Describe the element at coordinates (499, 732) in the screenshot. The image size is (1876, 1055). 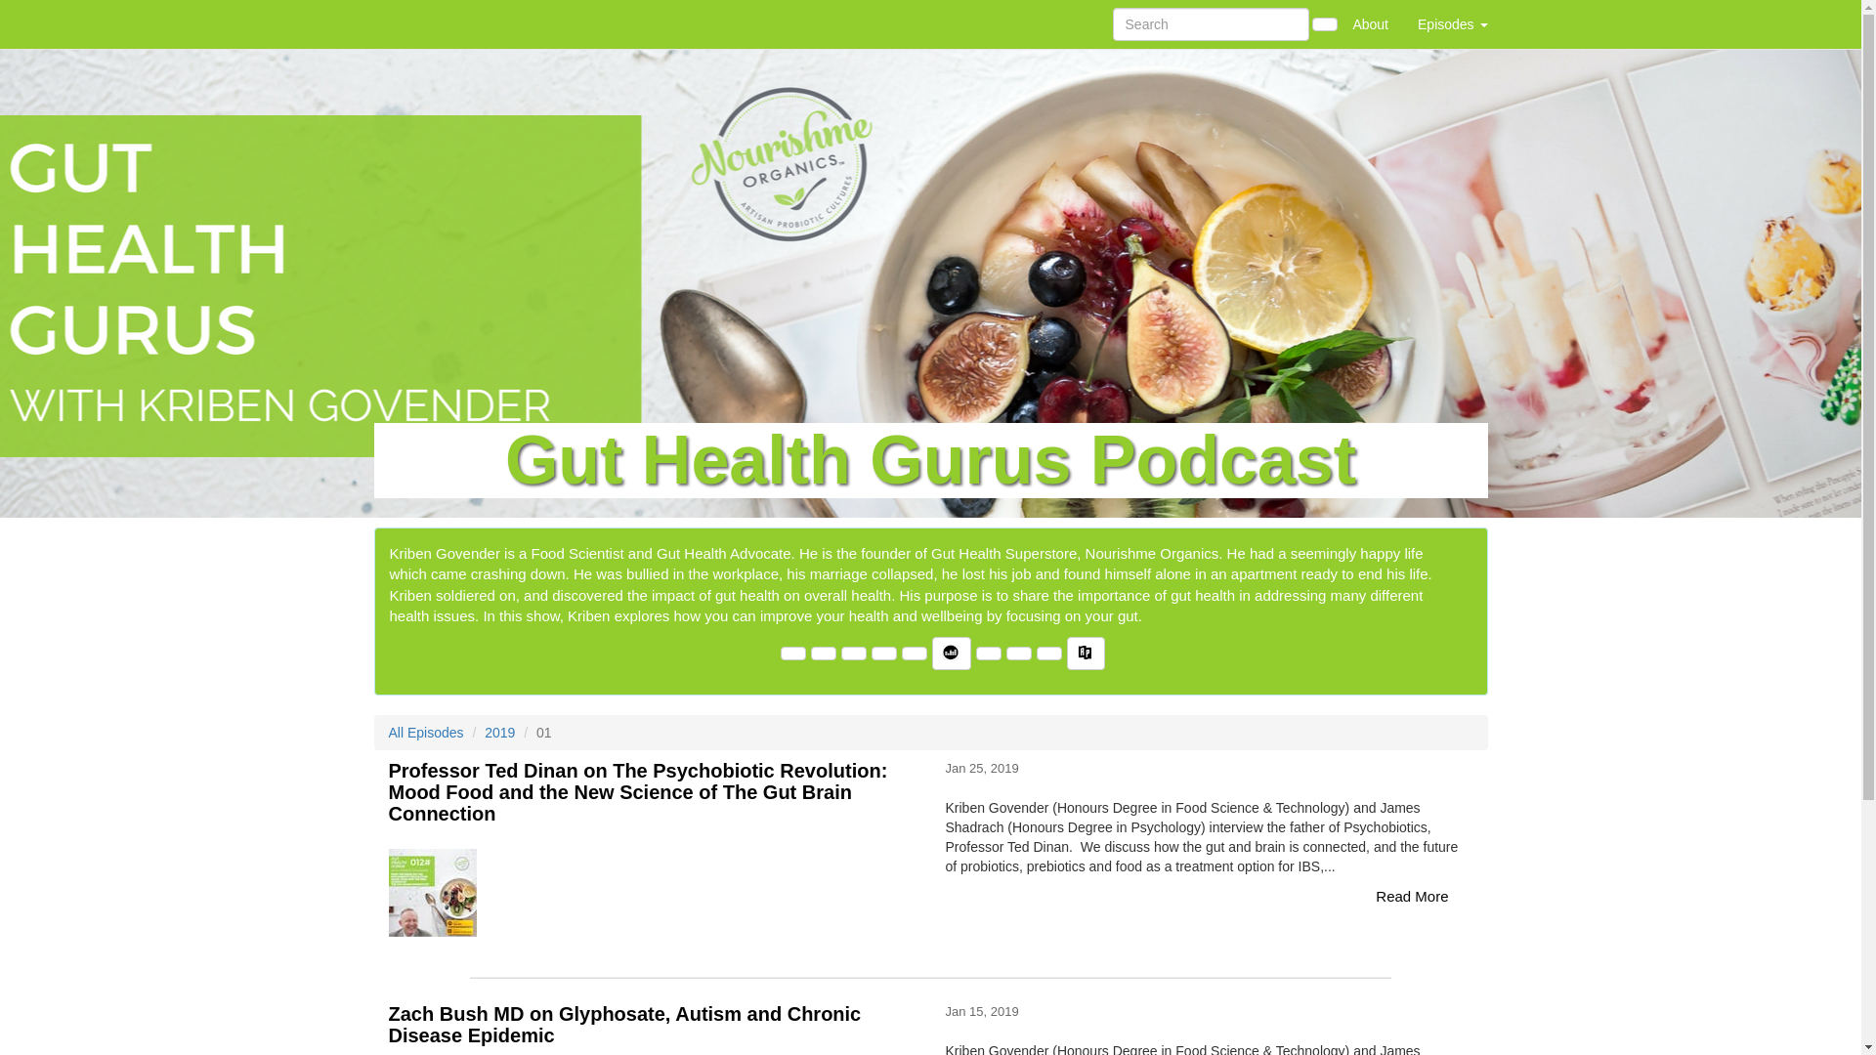
I see `'2019'` at that location.